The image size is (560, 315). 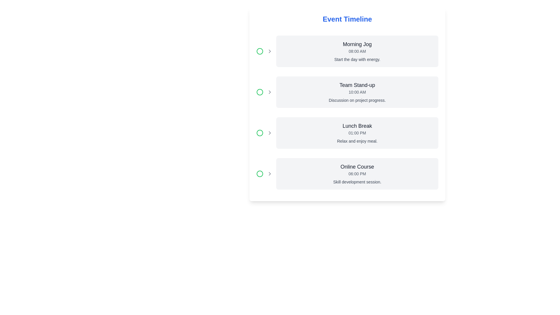 What do you see at coordinates (260, 174) in the screenshot?
I see `the circular icon with a green outline and fill, located to the left of the 'Online Course' text in the timeline section for status indication` at bounding box center [260, 174].